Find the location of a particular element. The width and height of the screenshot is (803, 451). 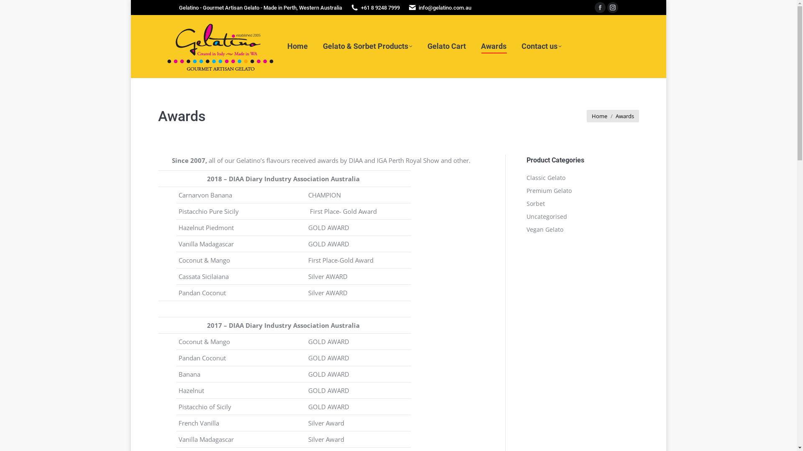

'Awards' is located at coordinates (494, 46).